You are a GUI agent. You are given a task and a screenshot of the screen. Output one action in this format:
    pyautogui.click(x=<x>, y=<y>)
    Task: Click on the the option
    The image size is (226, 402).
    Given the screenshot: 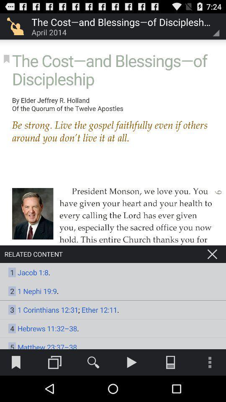 What is the action you would take?
    pyautogui.click(x=212, y=254)
    